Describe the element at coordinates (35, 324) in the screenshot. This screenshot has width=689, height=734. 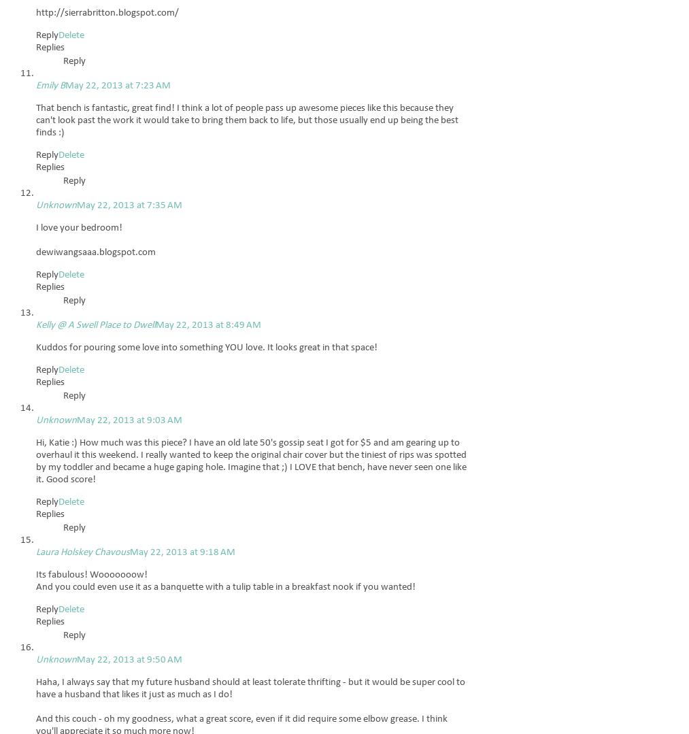
I see `'Kelly @ A Swell Place to Dwell'` at that location.